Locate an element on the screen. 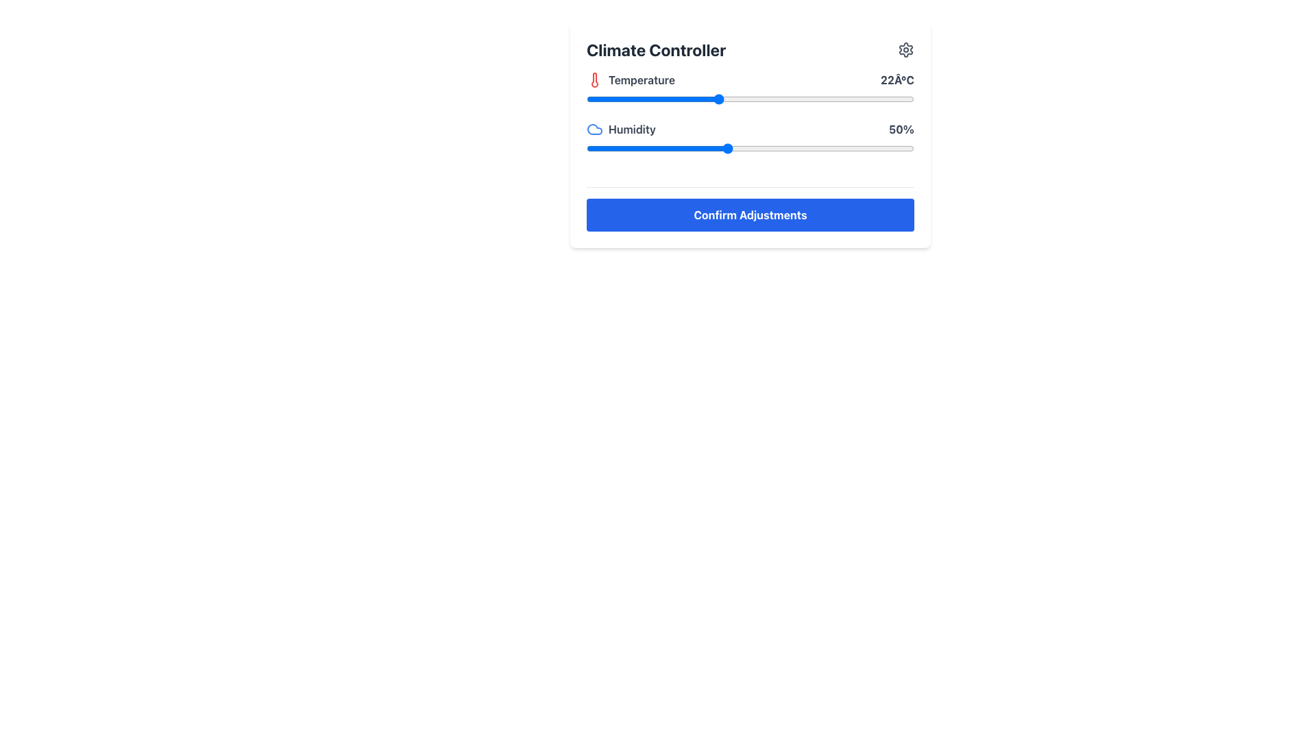  the text displaying the current percentage value of the Humidity setting in the Climate Controller is located at coordinates (901, 129).